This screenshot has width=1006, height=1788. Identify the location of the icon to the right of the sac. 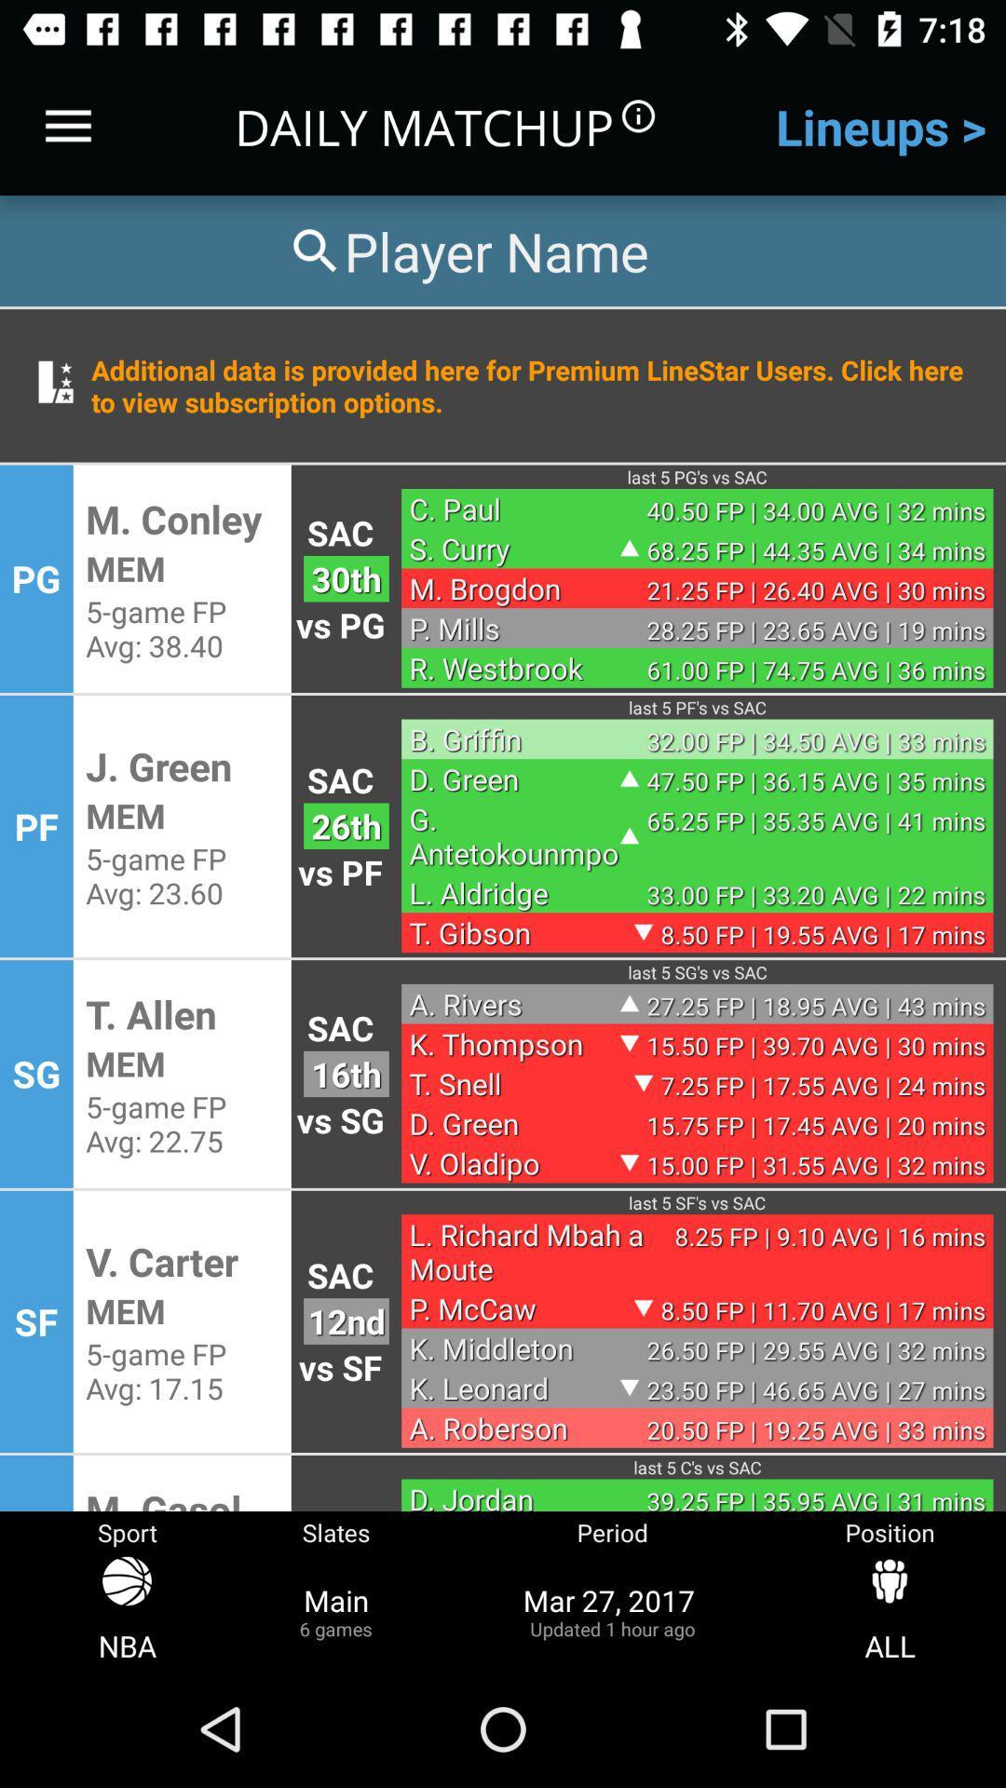
(514, 508).